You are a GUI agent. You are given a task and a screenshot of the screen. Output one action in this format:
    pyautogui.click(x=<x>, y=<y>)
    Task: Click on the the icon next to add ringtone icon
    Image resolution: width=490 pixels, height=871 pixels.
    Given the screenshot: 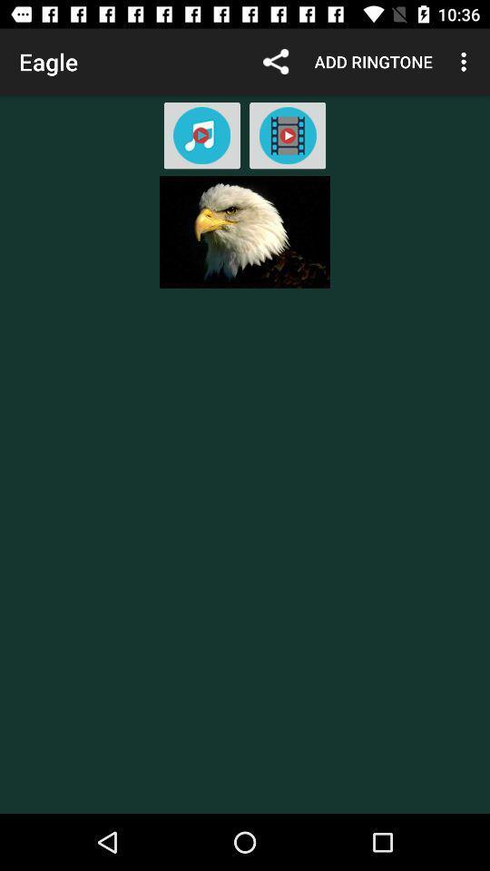 What is the action you would take?
    pyautogui.click(x=275, y=62)
    